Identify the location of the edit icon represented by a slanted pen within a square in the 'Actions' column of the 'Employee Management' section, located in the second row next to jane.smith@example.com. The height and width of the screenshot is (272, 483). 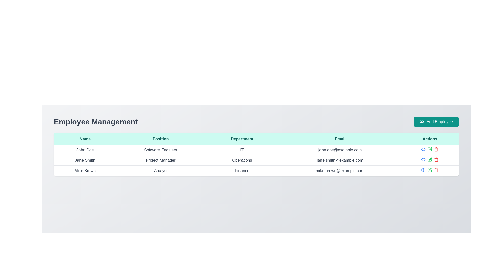
(430, 159).